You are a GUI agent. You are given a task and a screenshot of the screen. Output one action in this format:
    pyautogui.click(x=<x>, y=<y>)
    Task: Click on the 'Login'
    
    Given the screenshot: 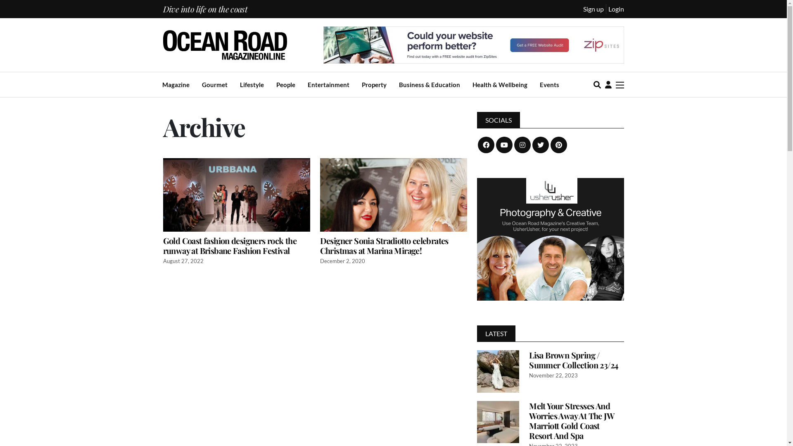 What is the action you would take?
    pyautogui.click(x=616, y=9)
    